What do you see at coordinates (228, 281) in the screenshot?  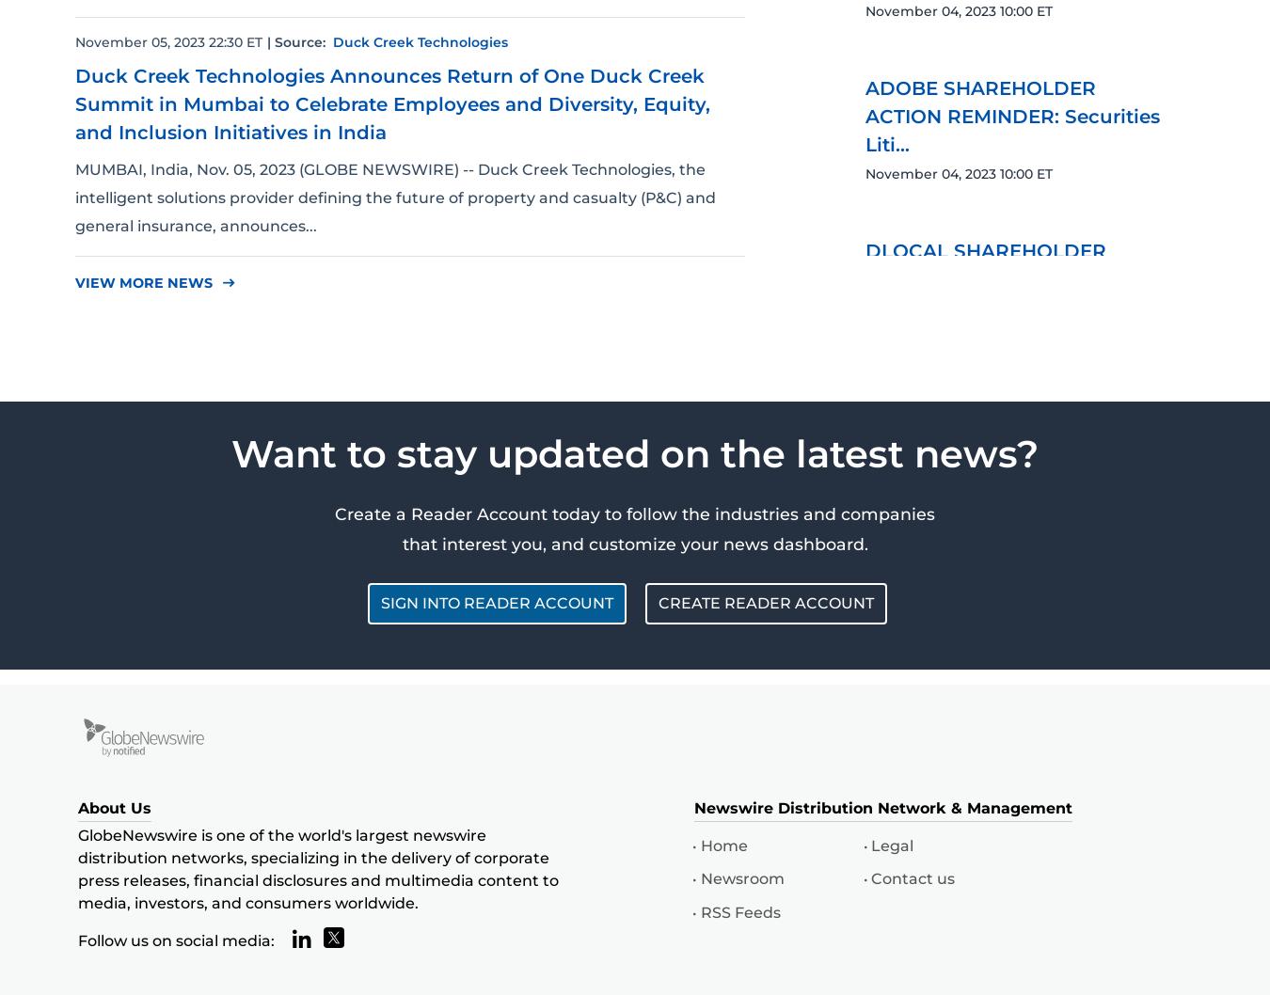 I see `'east'` at bounding box center [228, 281].